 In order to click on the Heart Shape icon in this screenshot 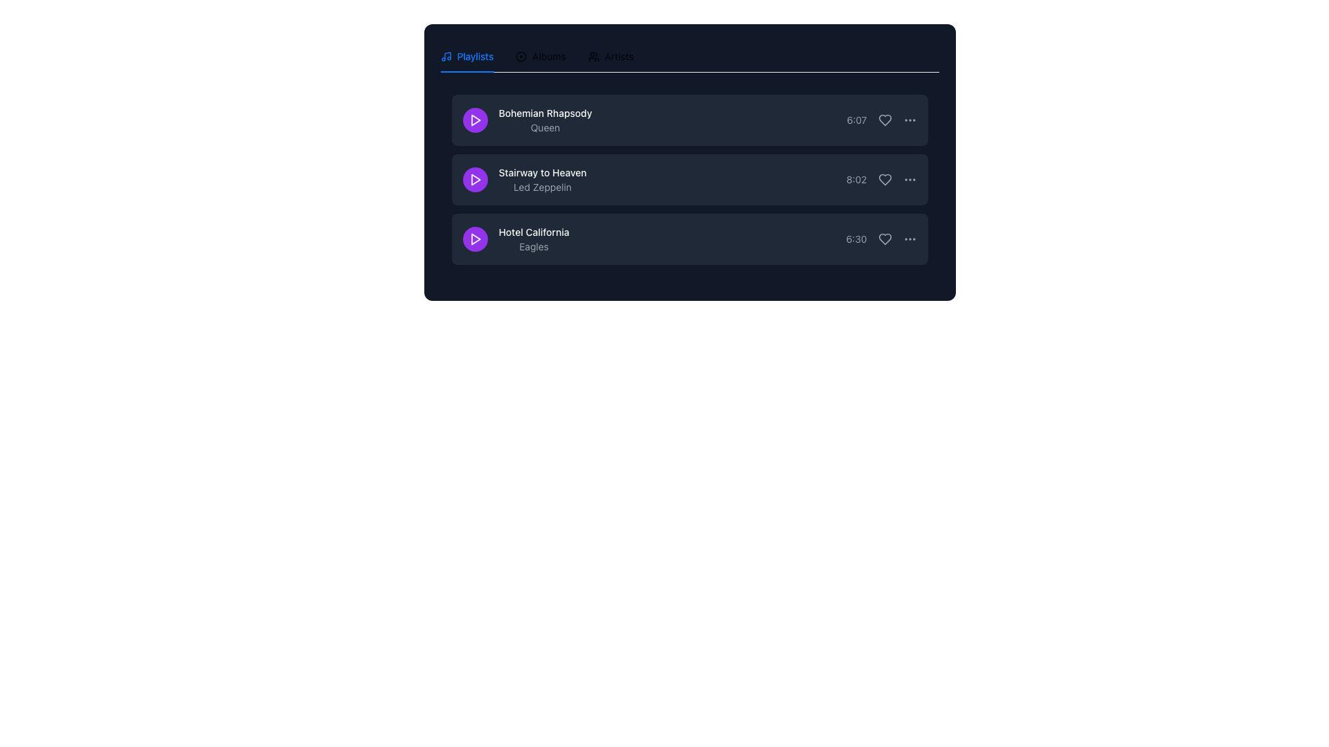, I will do `click(884, 178)`.